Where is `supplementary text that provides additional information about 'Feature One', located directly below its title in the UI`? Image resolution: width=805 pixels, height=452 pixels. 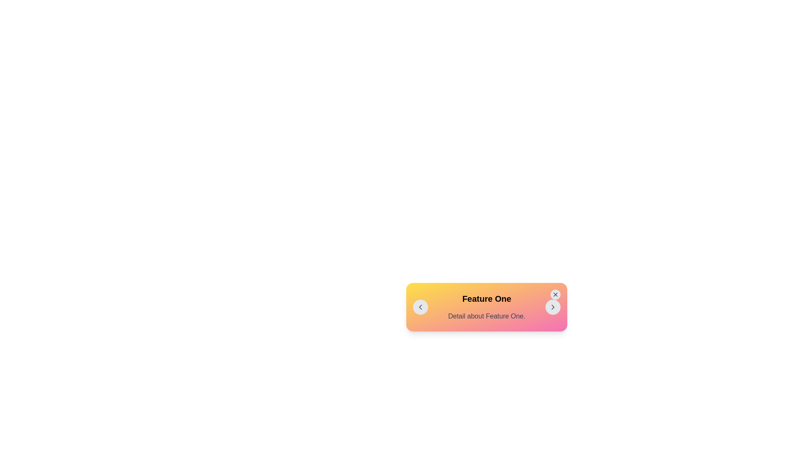 supplementary text that provides additional information about 'Feature One', located directly below its title in the UI is located at coordinates (487, 316).